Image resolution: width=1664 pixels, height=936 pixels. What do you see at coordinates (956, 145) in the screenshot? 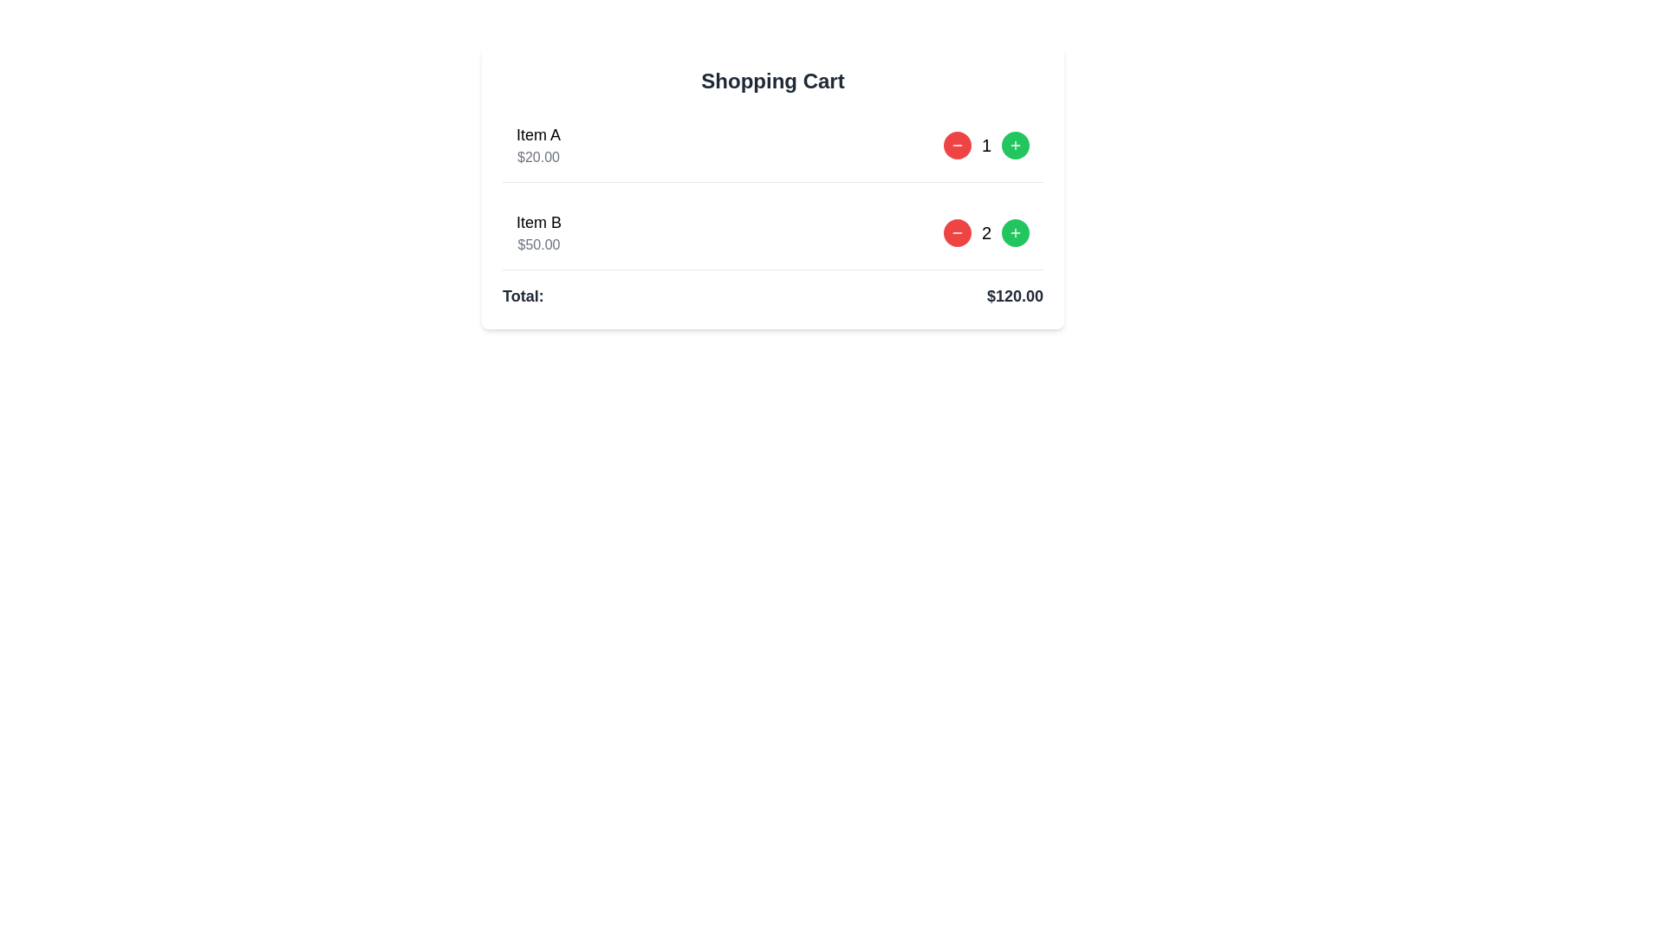
I see `the decrease quantity button for 'Item A' in the shopping cart` at bounding box center [956, 145].